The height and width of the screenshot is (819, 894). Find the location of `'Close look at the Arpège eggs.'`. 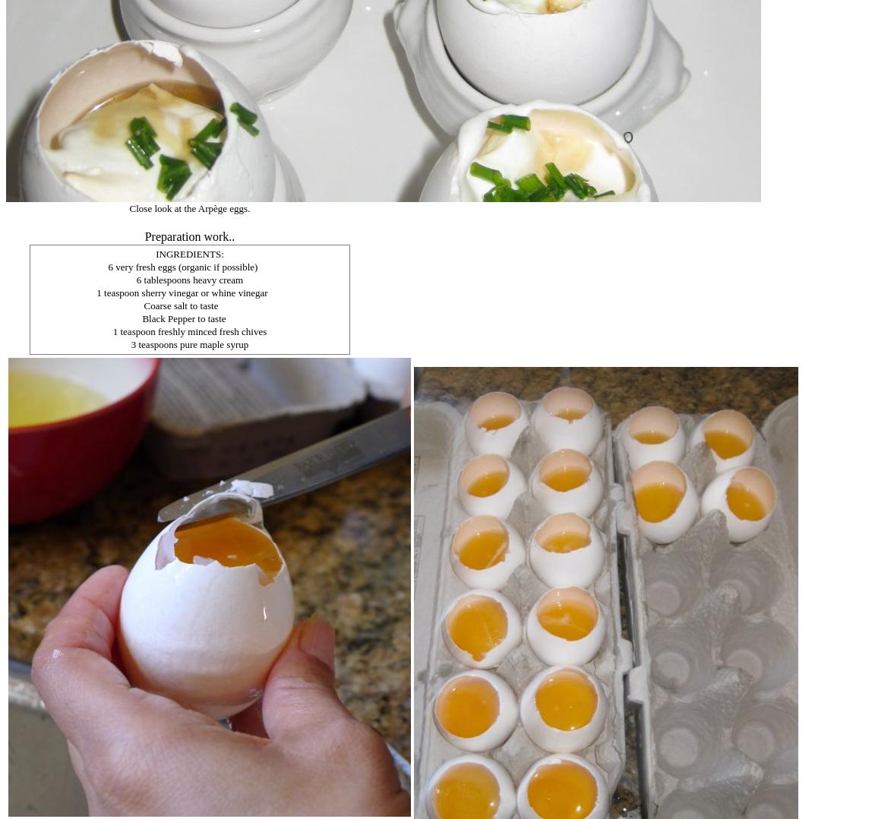

'Close look at the Arpège eggs.' is located at coordinates (128, 208).